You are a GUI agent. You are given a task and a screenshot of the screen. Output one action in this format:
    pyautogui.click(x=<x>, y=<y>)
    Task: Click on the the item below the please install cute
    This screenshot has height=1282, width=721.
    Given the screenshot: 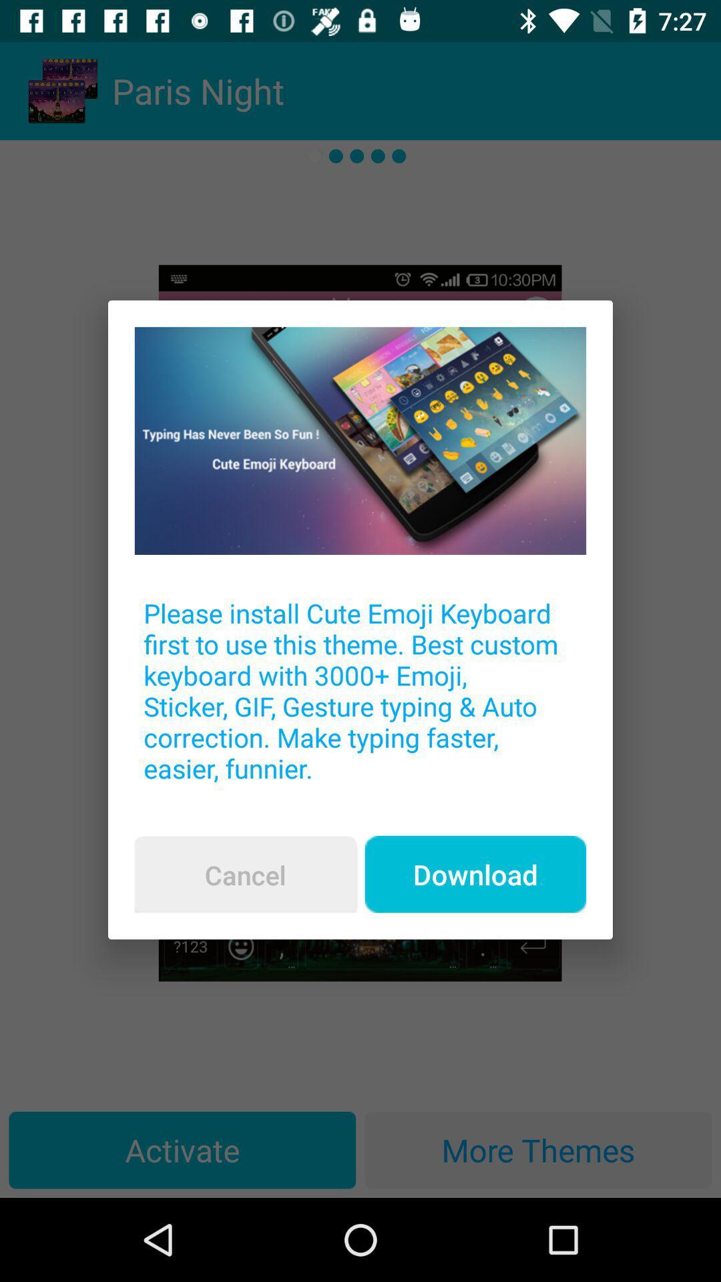 What is the action you would take?
    pyautogui.click(x=475, y=874)
    